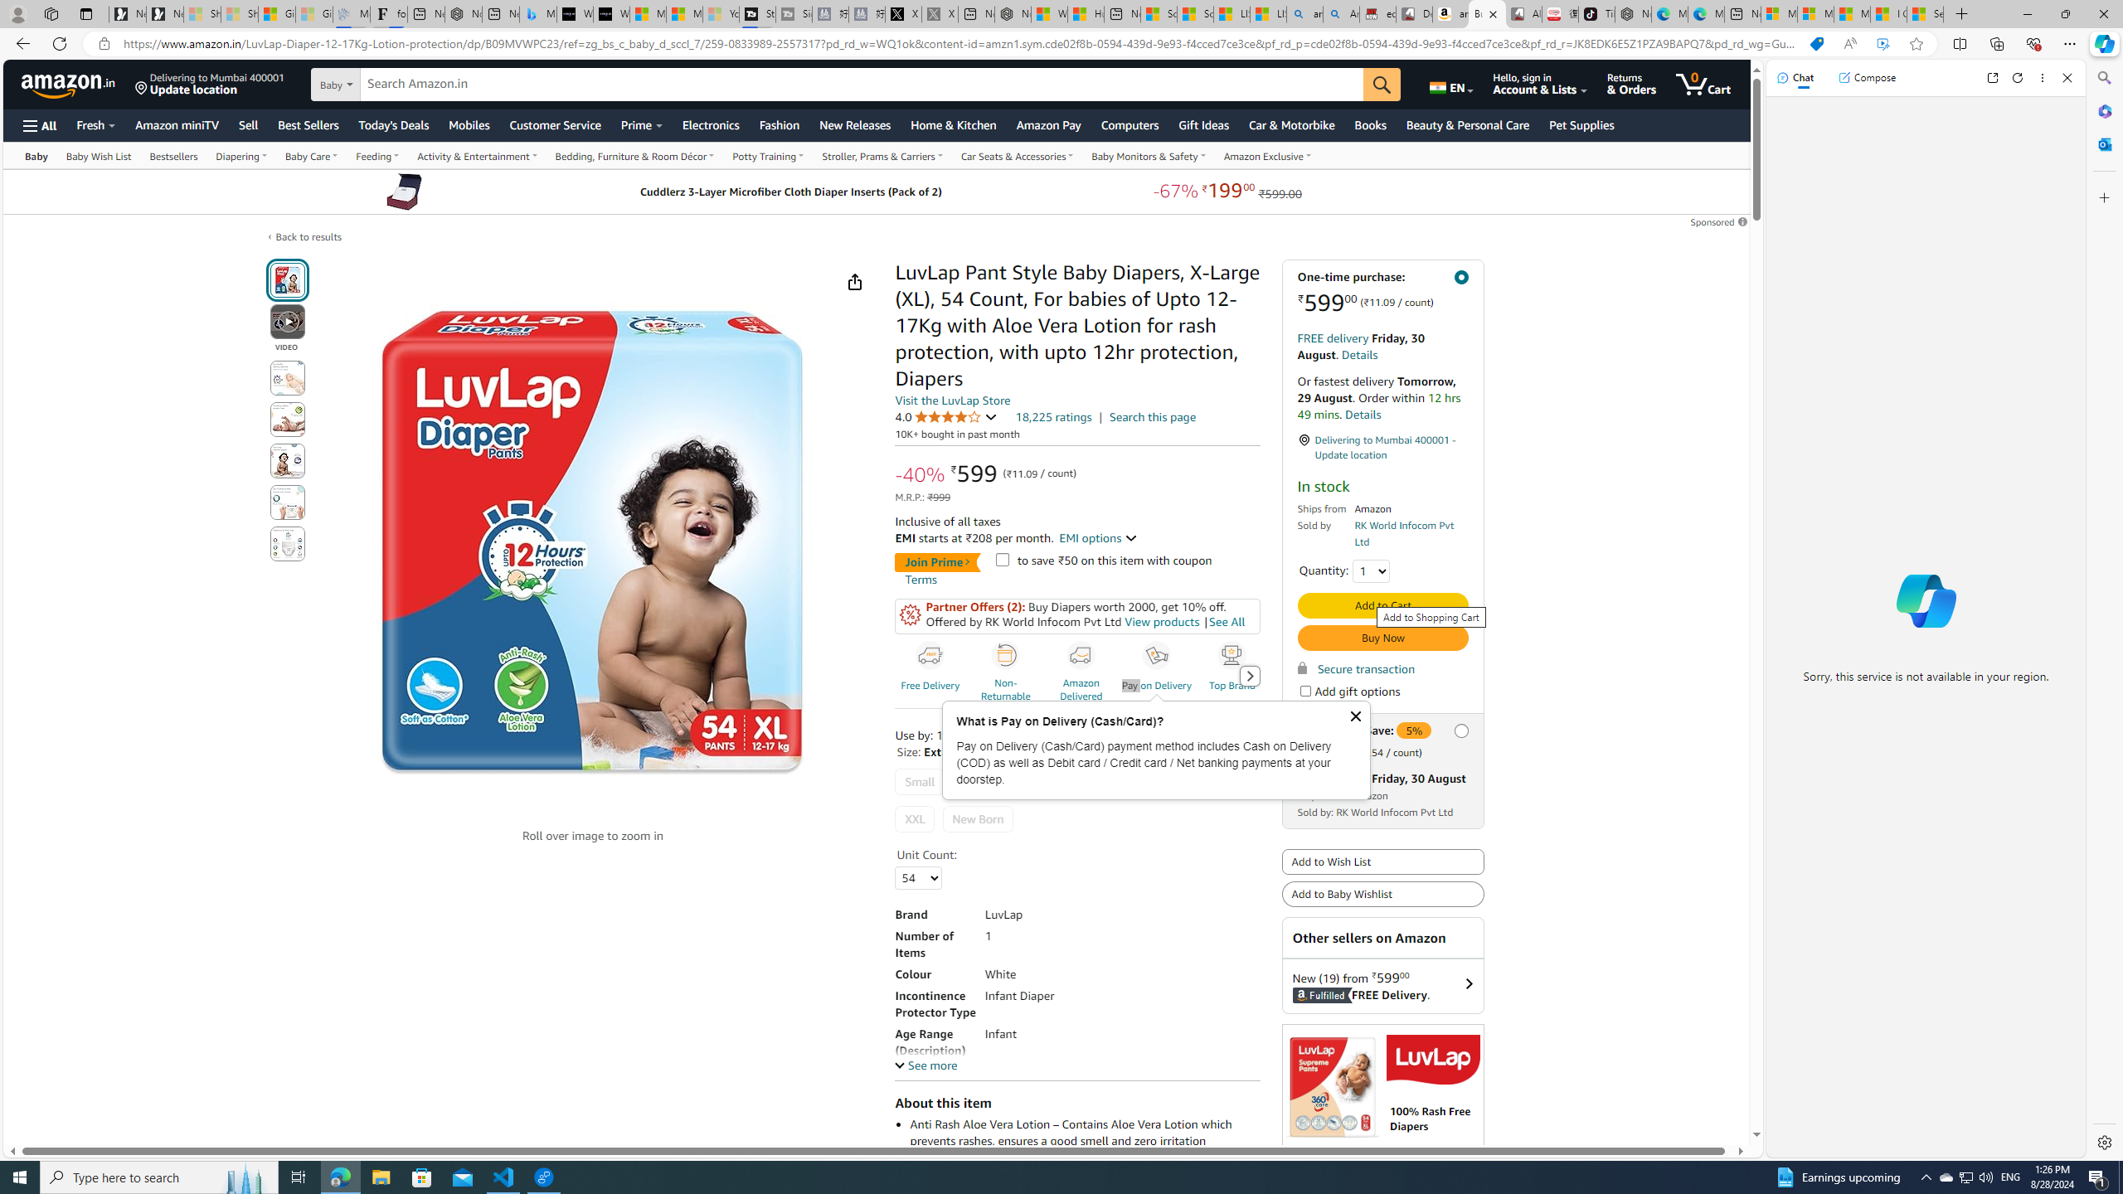 This screenshot has height=1194, width=2123. I want to click on 'I Gained 20 Pounds of Muscle in 30 Days! | Watch', so click(1889, 13).